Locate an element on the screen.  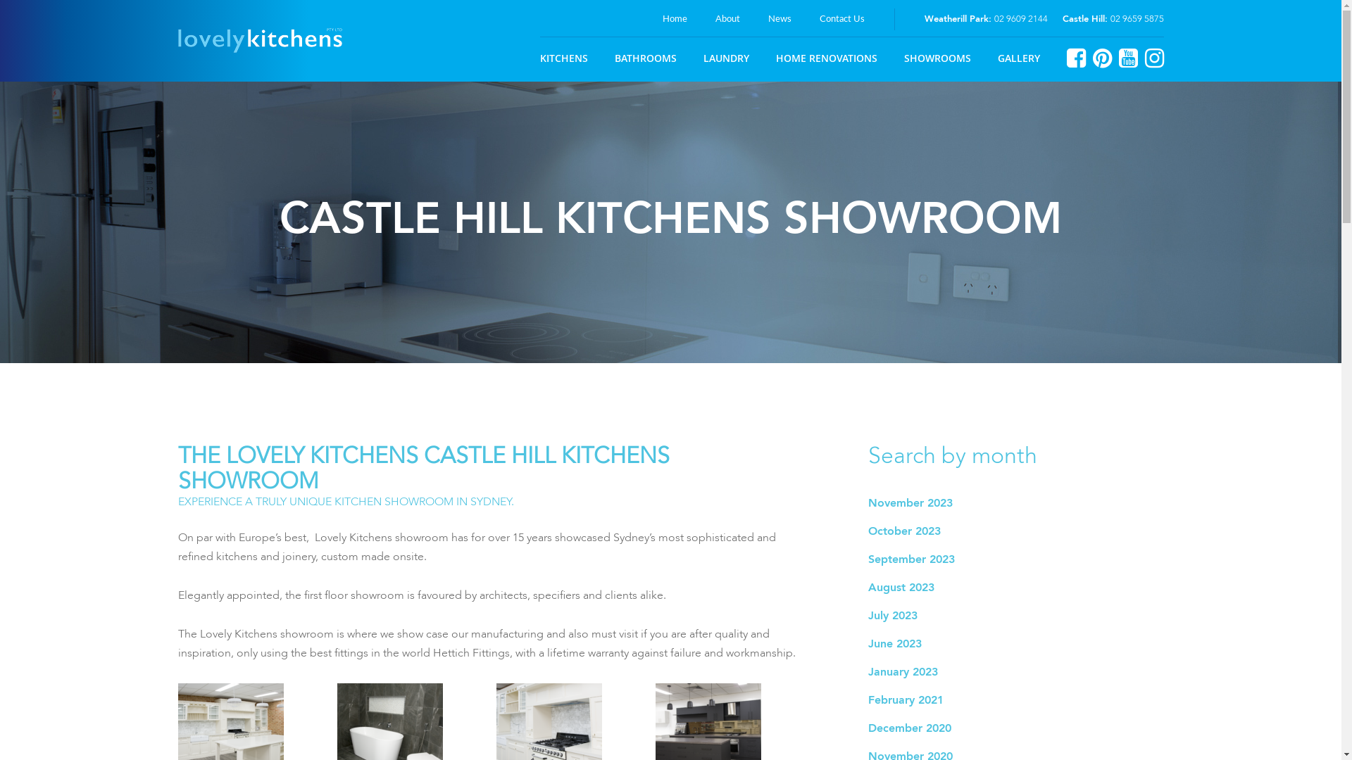
'Home' is located at coordinates (674, 18).